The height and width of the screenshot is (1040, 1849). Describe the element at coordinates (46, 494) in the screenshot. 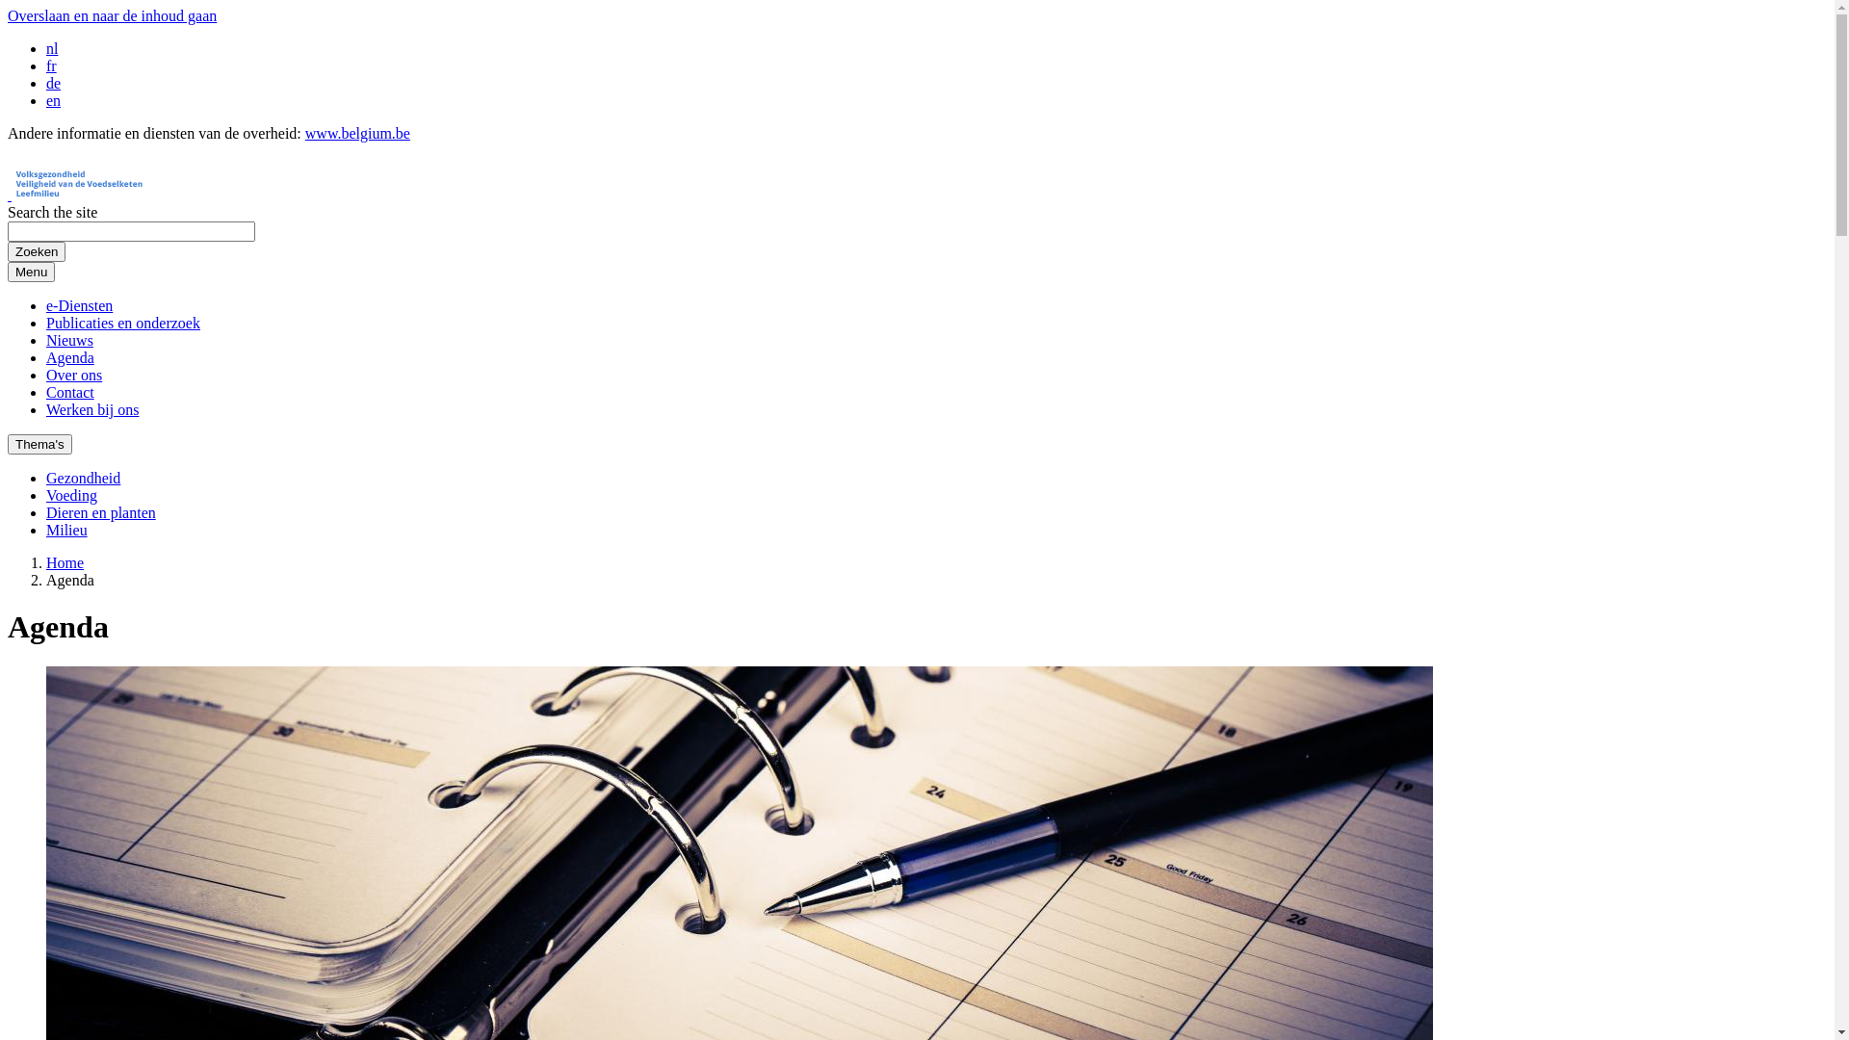

I see `'Voeding'` at that location.